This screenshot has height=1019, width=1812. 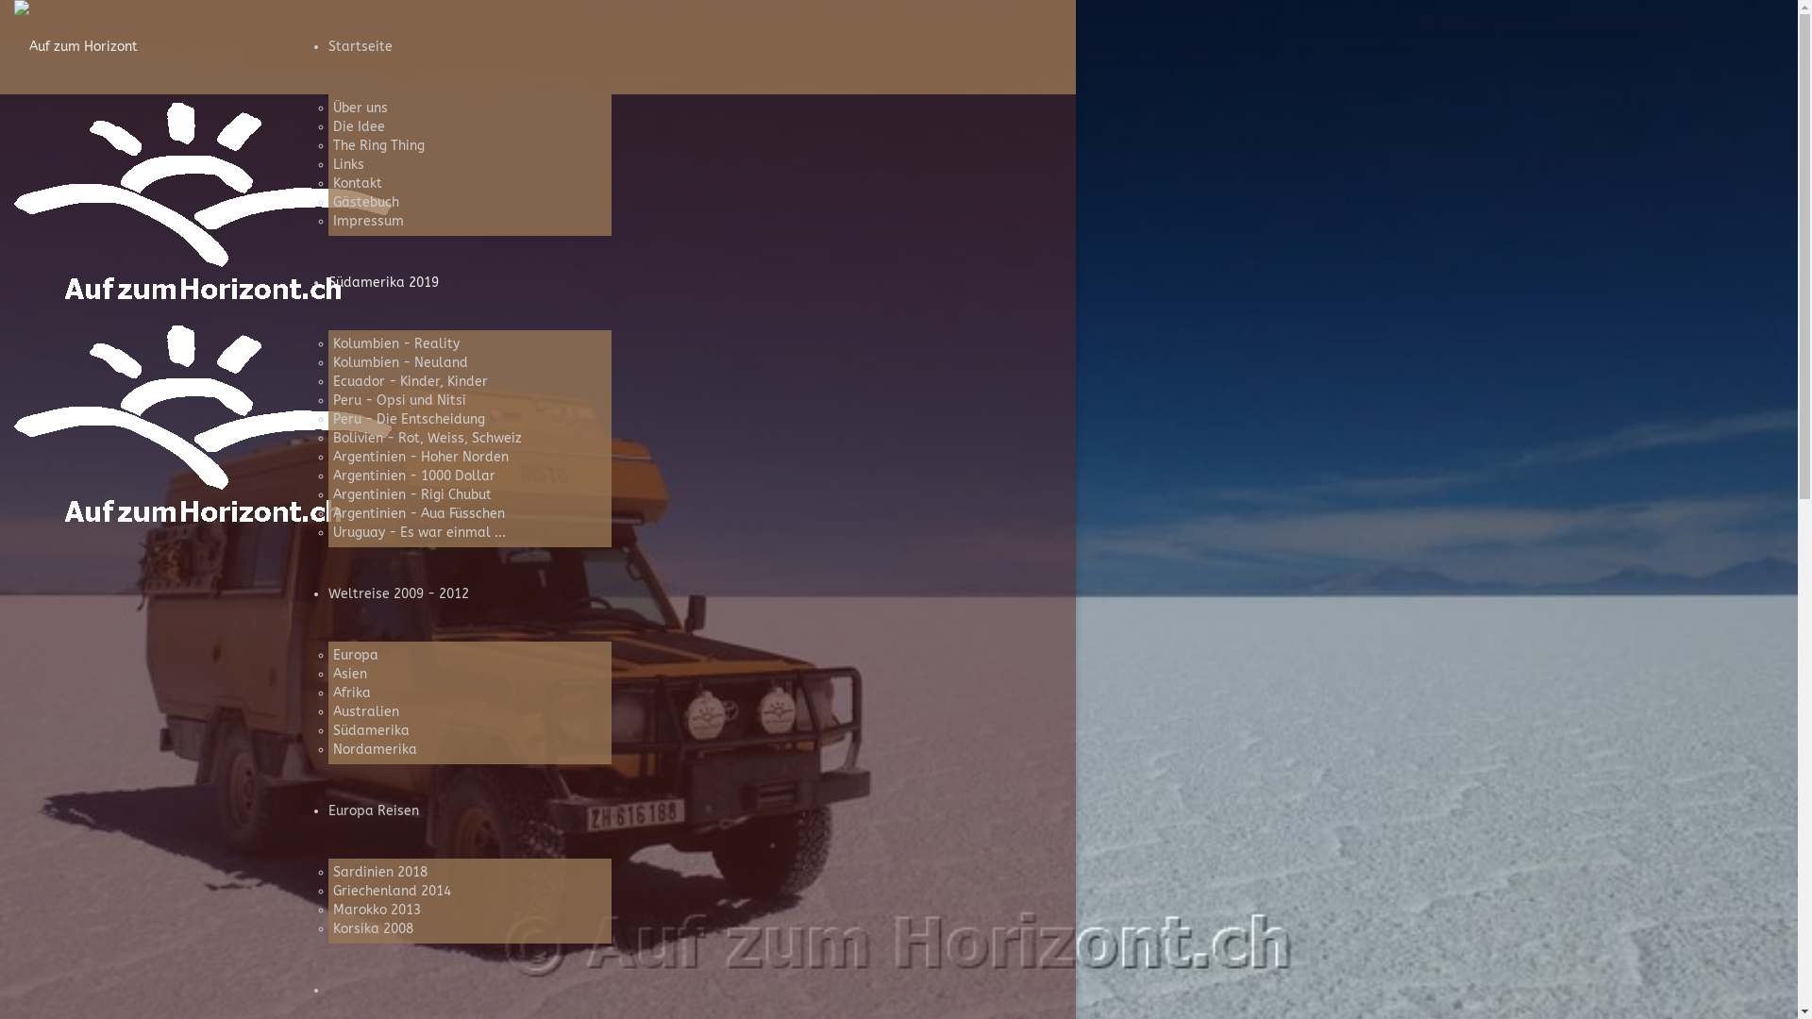 I want to click on 'Peru - Die Entscheidung', so click(x=331, y=418).